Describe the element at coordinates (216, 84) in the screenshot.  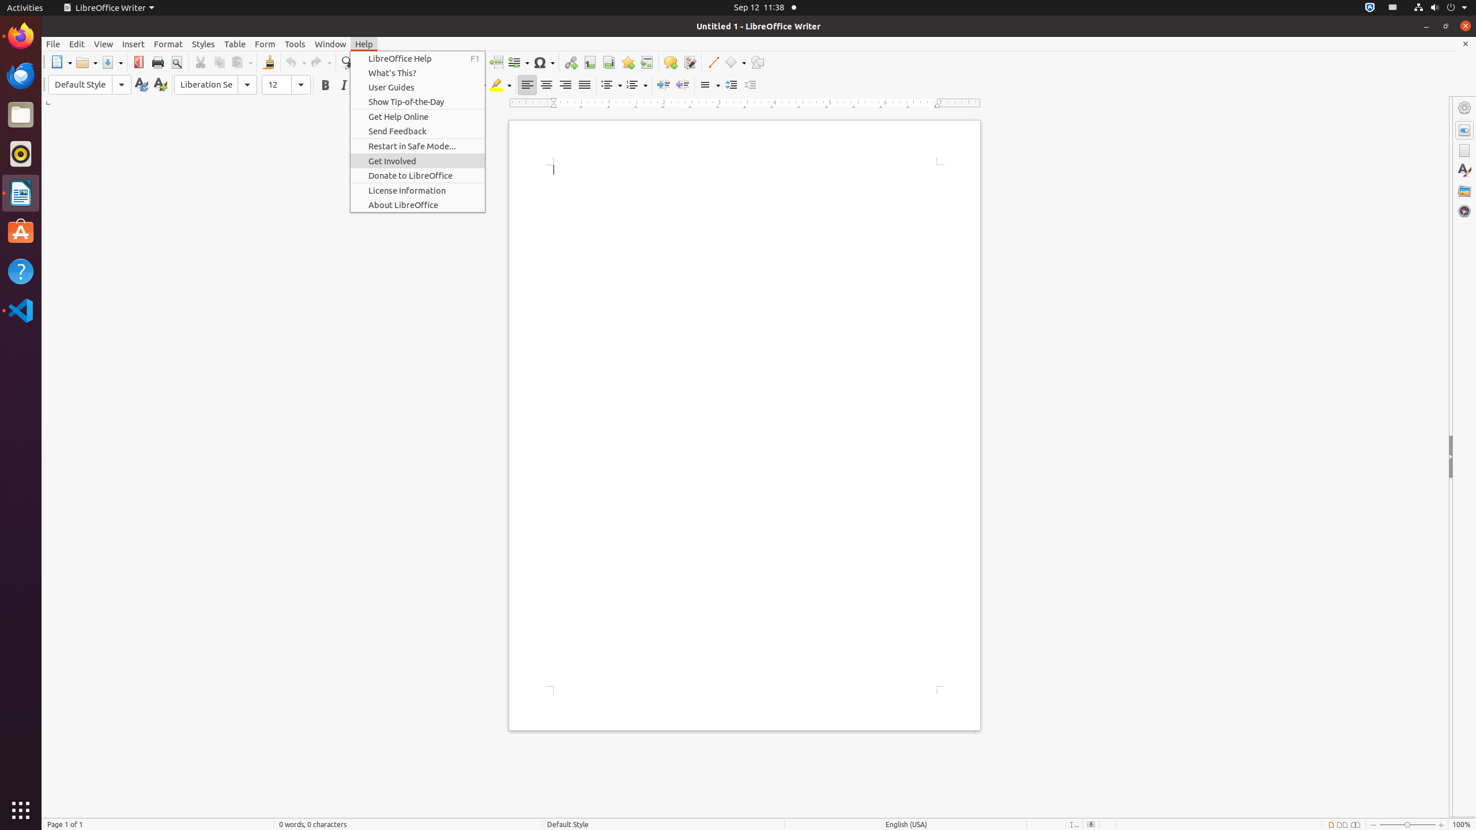
I see `'Font Name'` at that location.